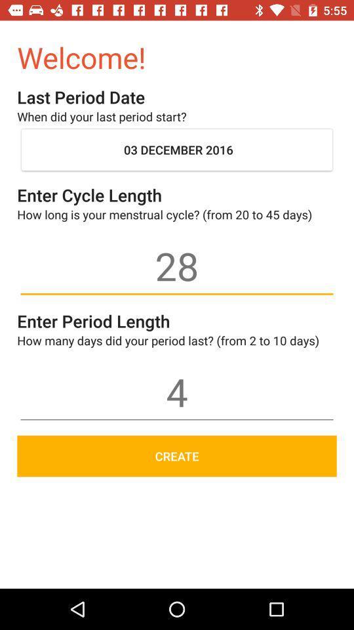 The width and height of the screenshot is (354, 630). What do you see at coordinates (177, 392) in the screenshot?
I see `4 icon` at bounding box center [177, 392].